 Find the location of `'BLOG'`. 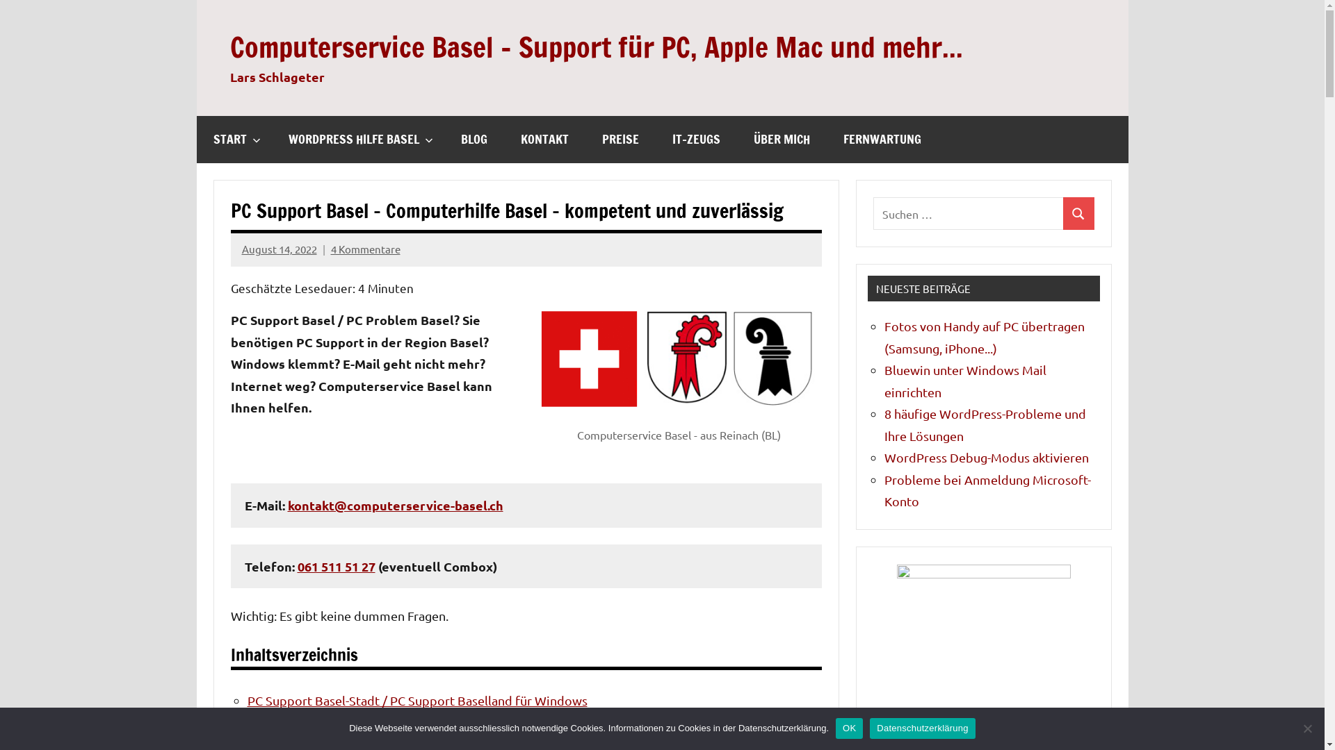

'BLOG' is located at coordinates (474, 139).